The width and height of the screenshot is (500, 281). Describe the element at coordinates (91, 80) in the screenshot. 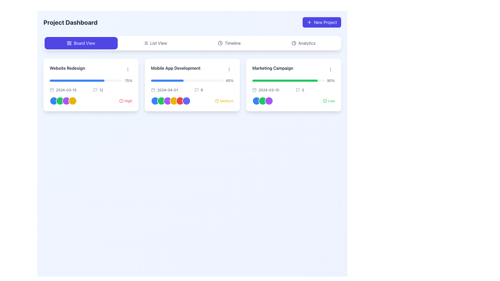

I see `the progress bar indicating 75% completion within the 'Website Redesign' project card` at that location.